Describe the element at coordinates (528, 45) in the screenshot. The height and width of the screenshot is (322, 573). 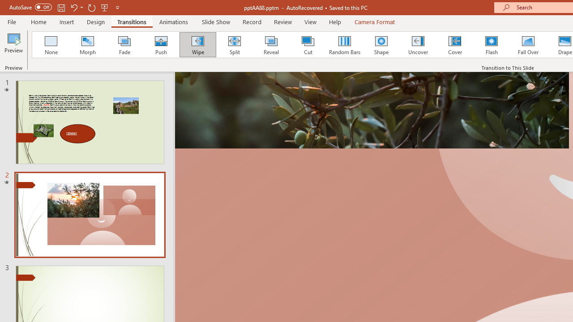
I see `'Fall Over'` at that location.